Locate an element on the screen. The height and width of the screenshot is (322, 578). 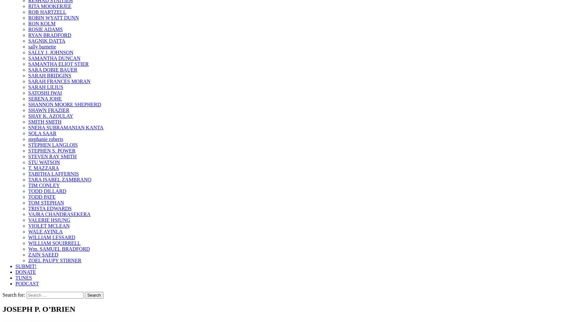
'VALERIE HSIUNG' is located at coordinates (49, 220).